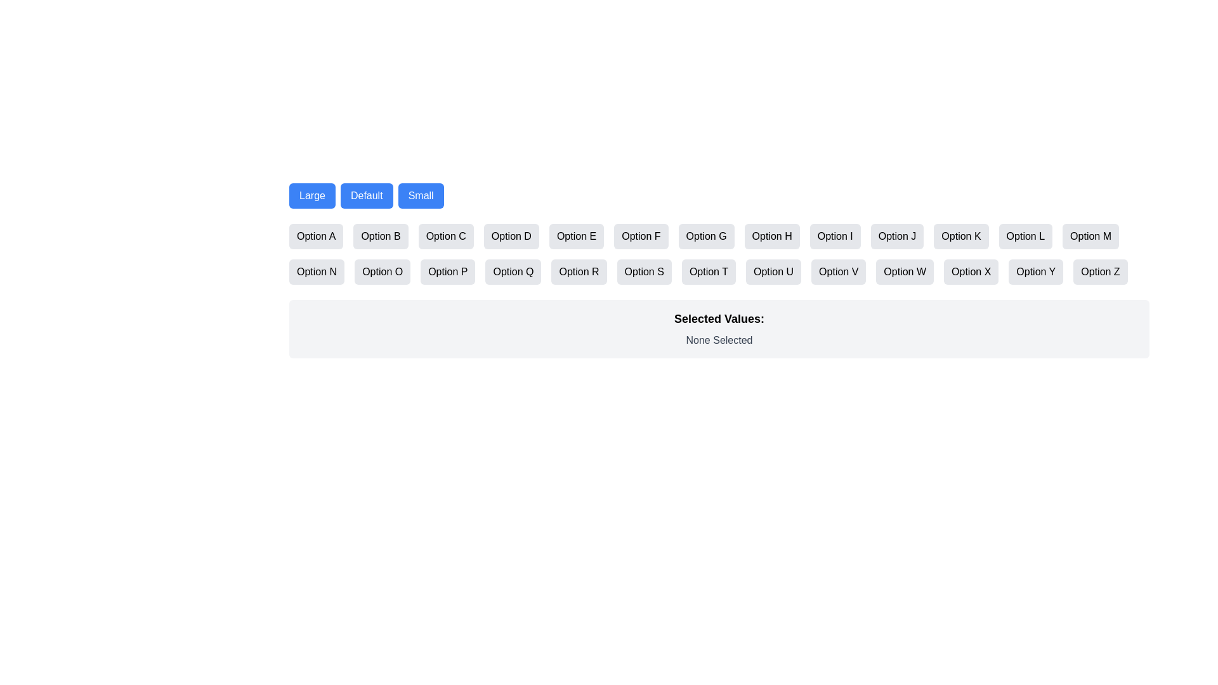 The height and width of the screenshot is (685, 1218). What do you see at coordinates (312, 195) in the screenshot?
I see `the 'Large' button located on the upper left side of the interface` at bounding box center [312, 195].